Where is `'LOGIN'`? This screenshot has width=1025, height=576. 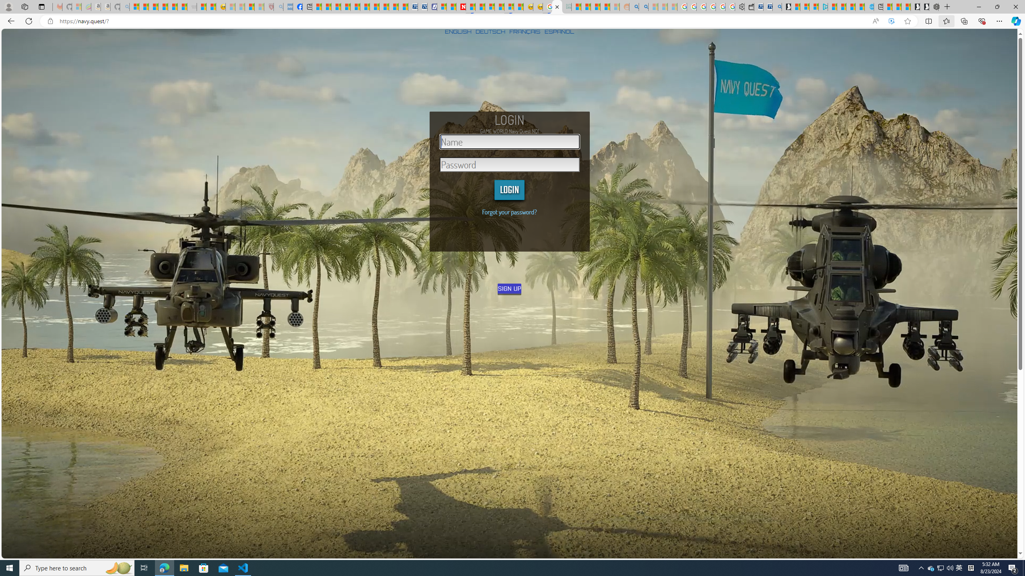 'LOGIN' is located at coordinates (509, 190).